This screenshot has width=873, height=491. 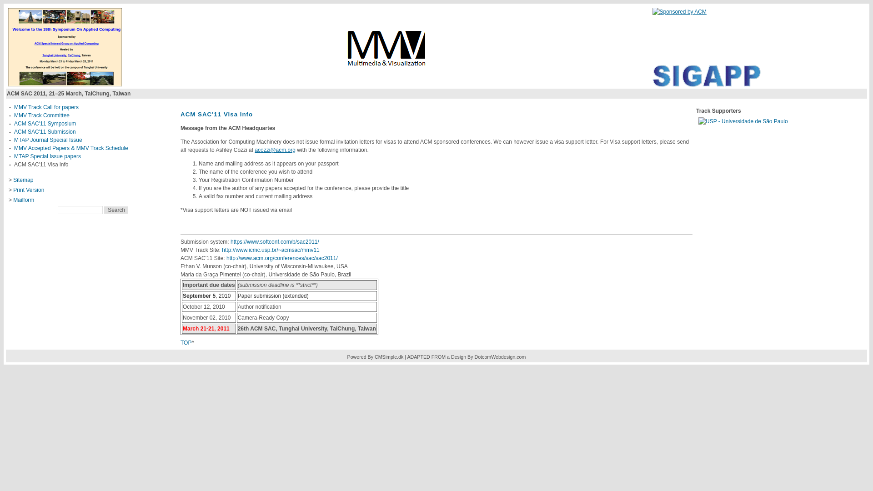 I want to click on 'MMV Track Committee', so click(x=41, y=115).